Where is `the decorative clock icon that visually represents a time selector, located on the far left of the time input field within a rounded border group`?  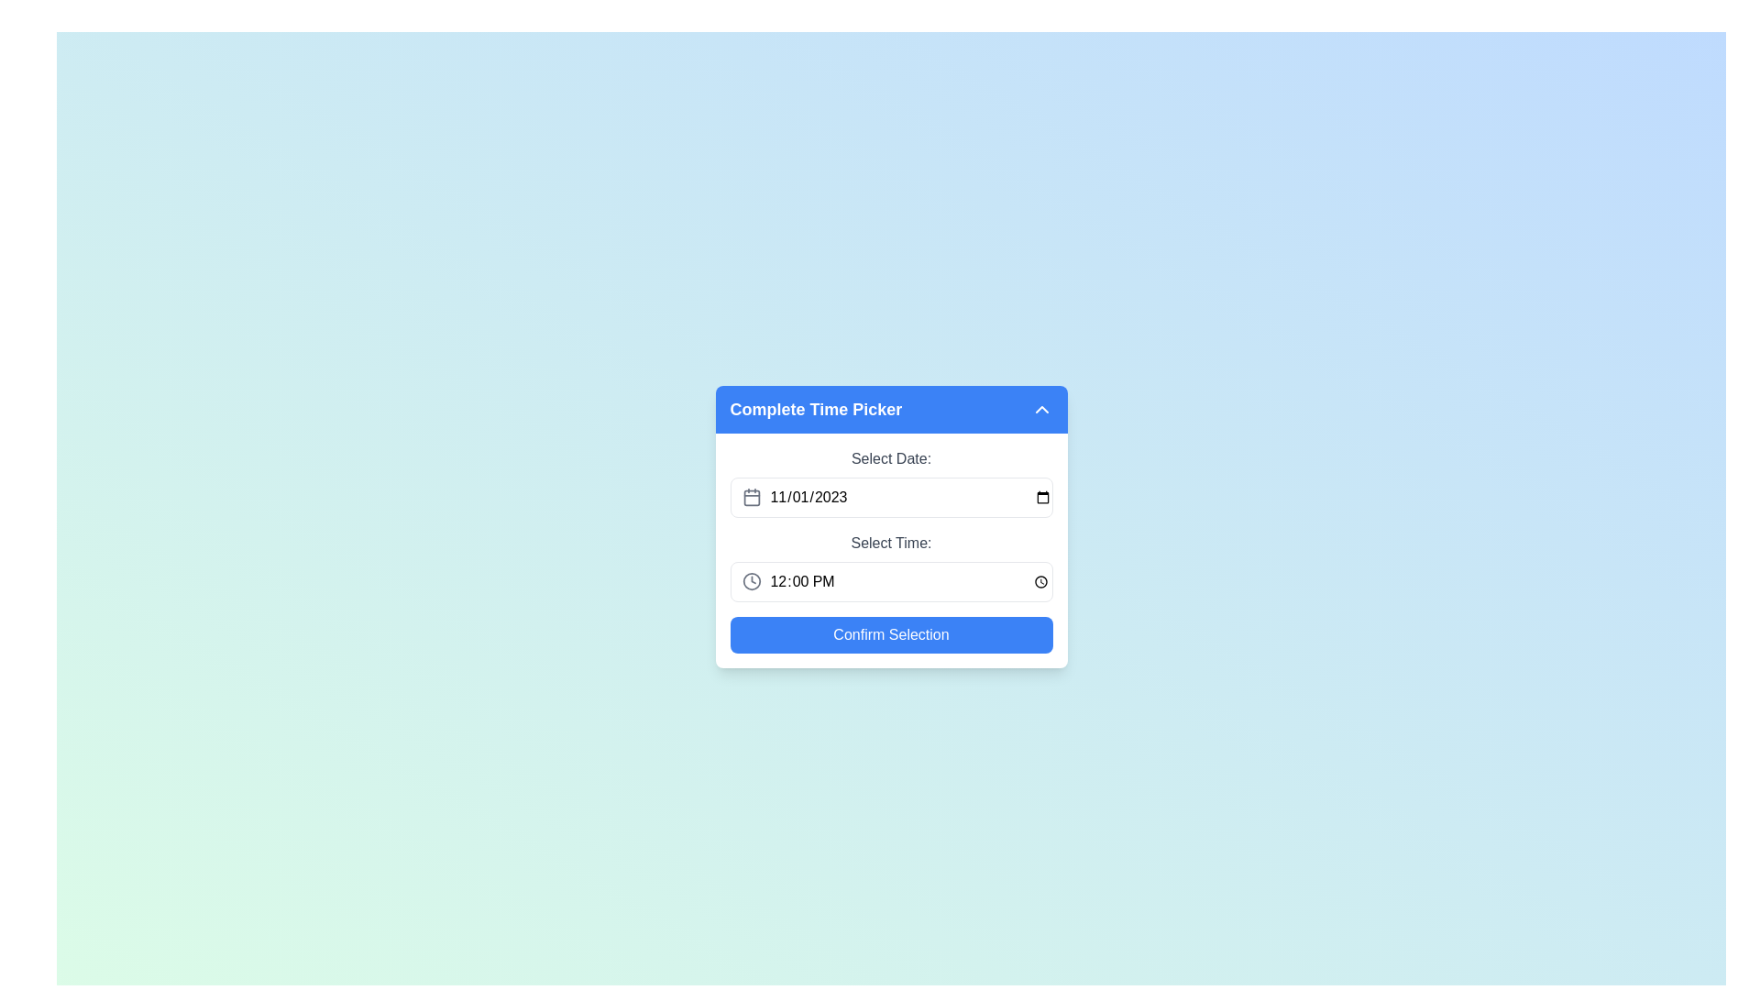
the decorative clock icon that visually represents a time selector, located on the far left of the time input field within a rounded border group is located at coordinates (752, 582).